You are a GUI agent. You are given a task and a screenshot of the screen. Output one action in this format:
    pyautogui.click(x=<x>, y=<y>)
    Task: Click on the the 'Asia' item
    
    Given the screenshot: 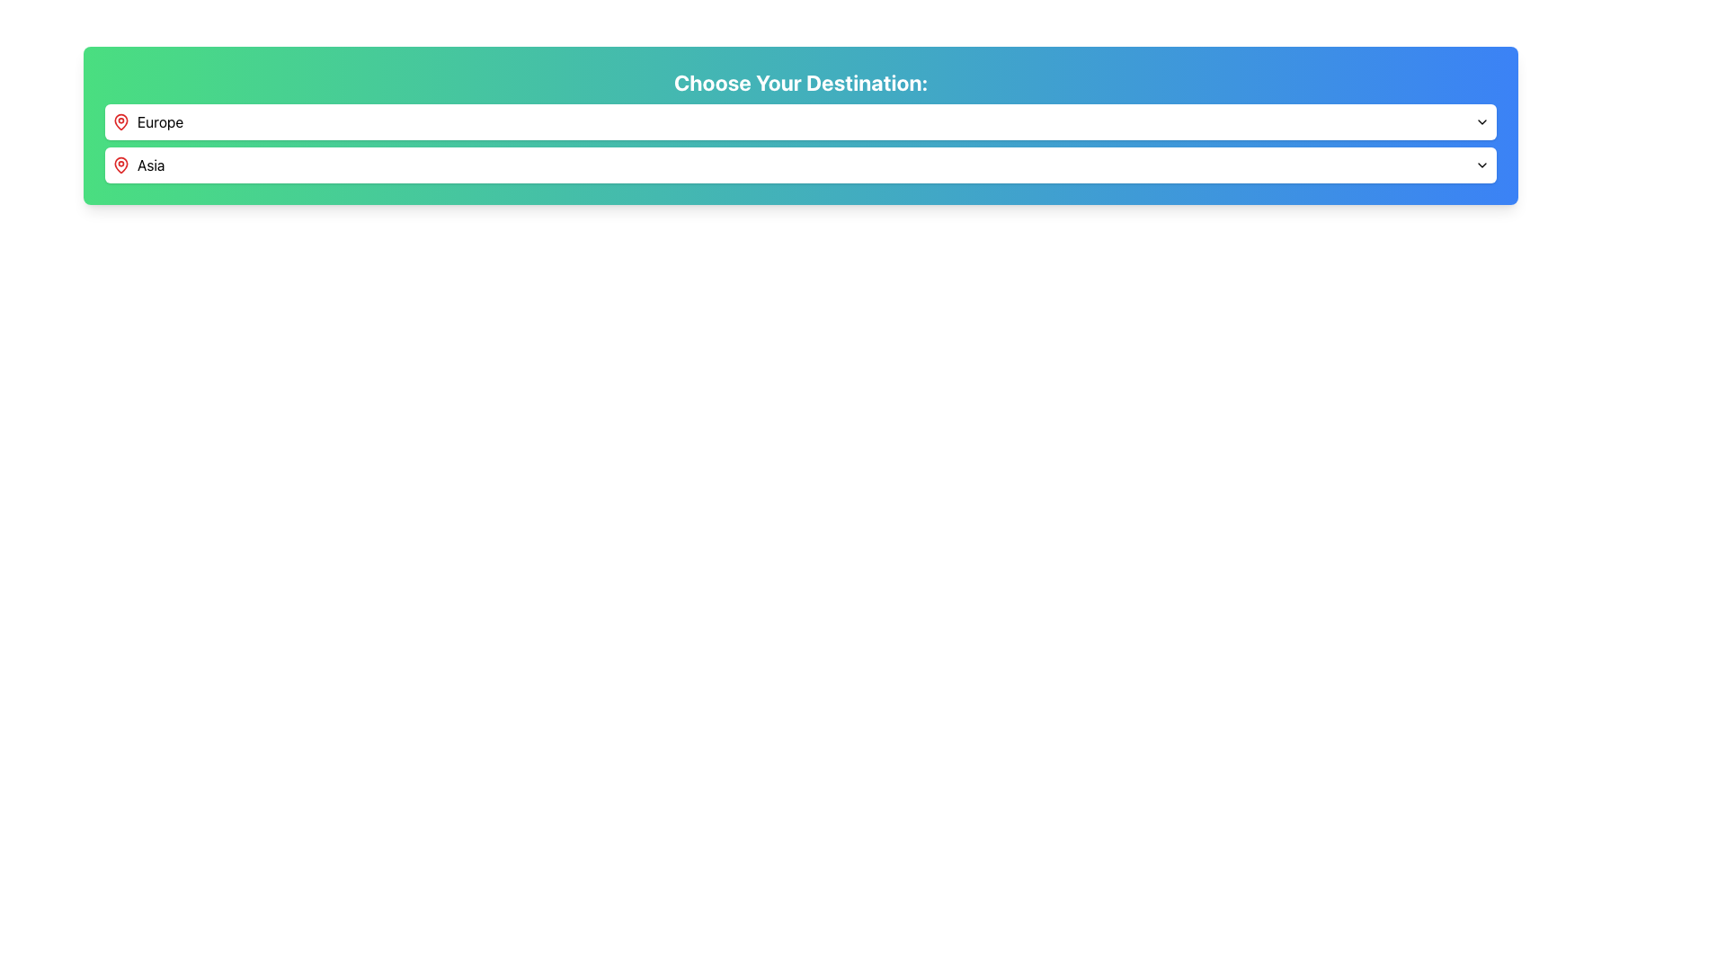 What is the action you would take?
    pyautogui.click(x=800, y=142)
    